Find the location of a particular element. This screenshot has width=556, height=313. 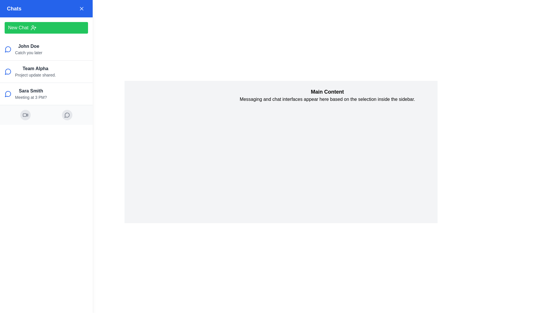

the close ('X') icon button with a blue background located in the top-right corner of the header section labeled 'Chats' is located at coordinates (81, 9).